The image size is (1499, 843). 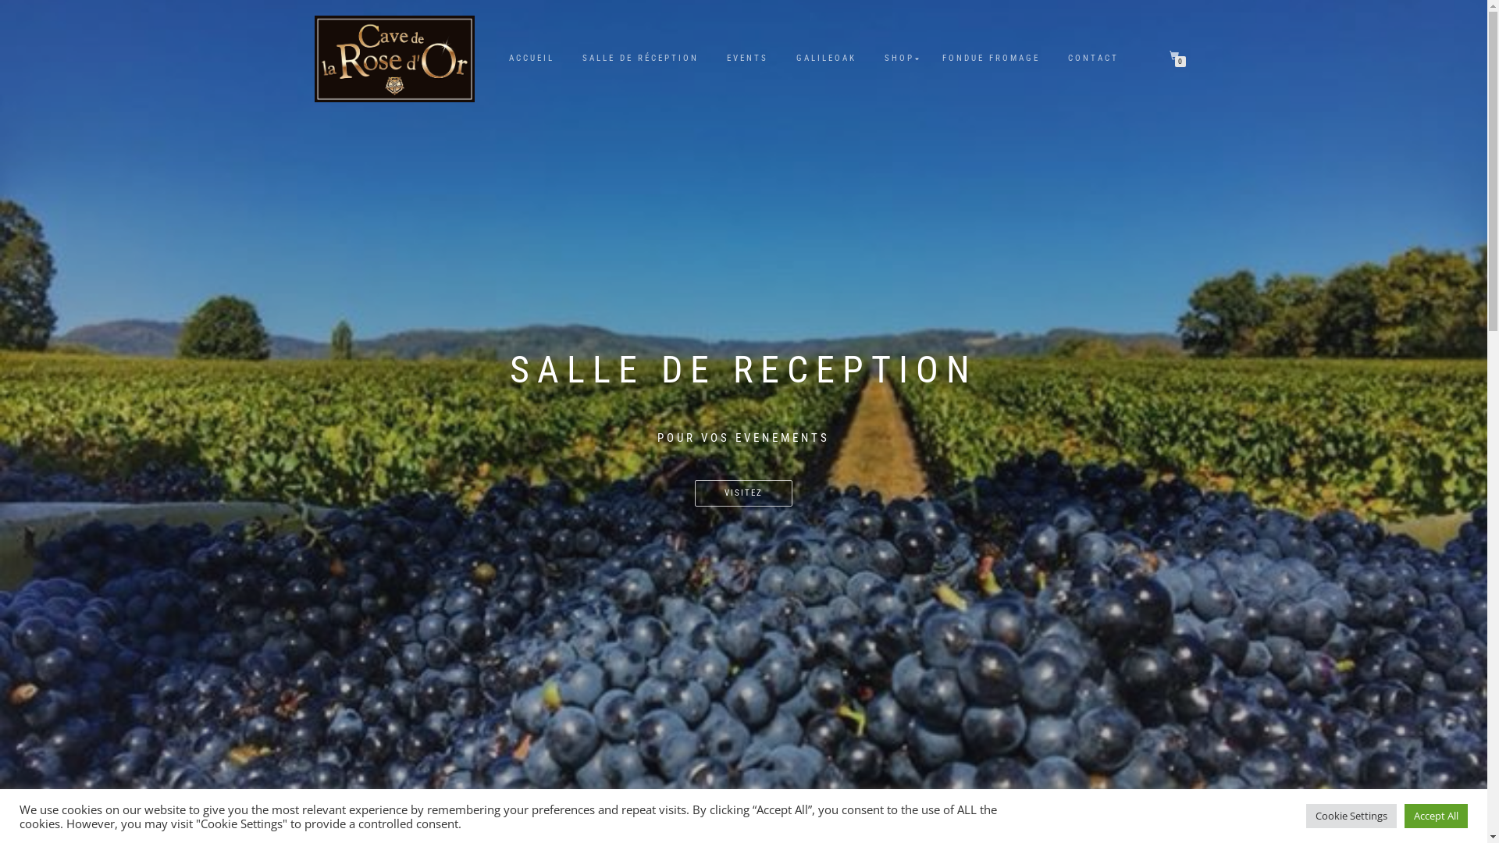 I want to click on '0', so click(x=1177, y=55).